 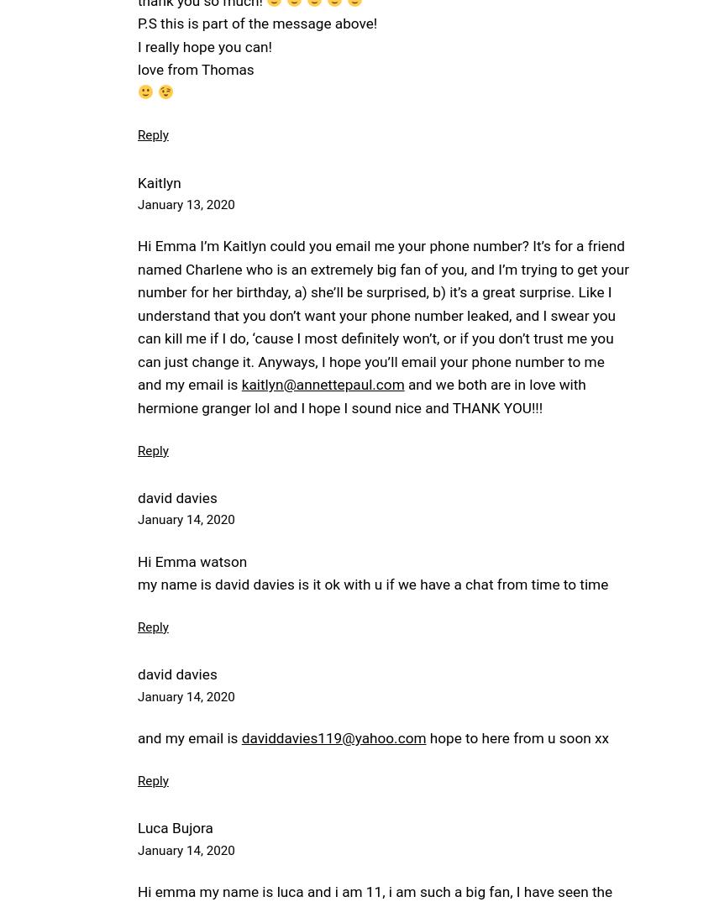 I want to click on 'Luca Bujora', so click(x=174, y=827).